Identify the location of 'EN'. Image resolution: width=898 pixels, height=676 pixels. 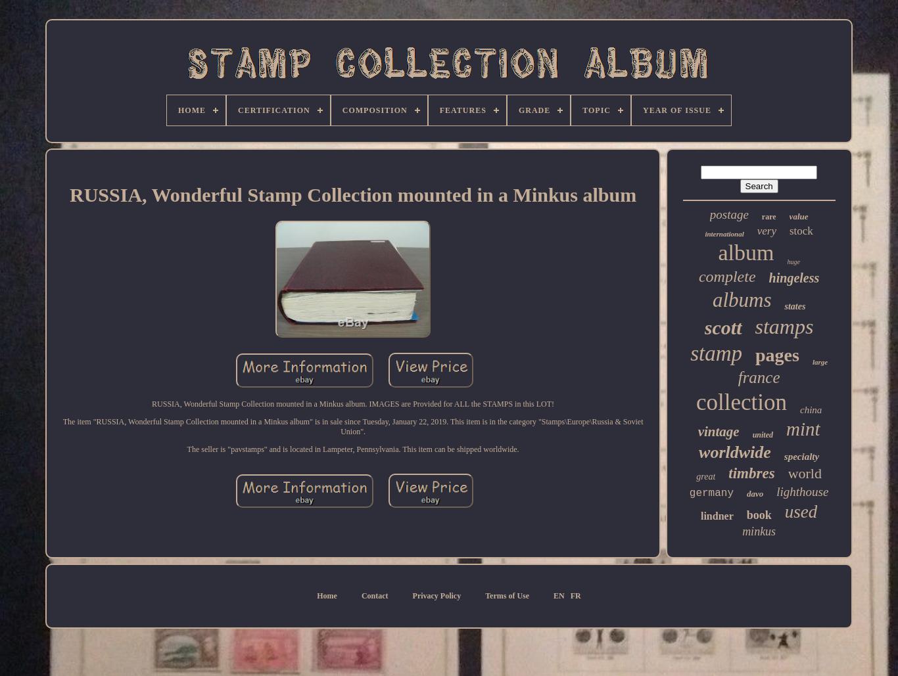
(558, 595).